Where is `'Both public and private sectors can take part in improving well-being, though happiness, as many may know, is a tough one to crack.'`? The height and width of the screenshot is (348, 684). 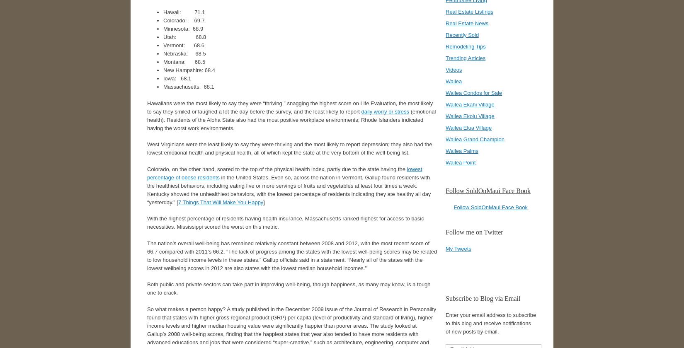
'Both public and private sectors can take part in improving well-being, though happiness, as many may know, is a tough one to crack.' is located at coordinates (288, 288).